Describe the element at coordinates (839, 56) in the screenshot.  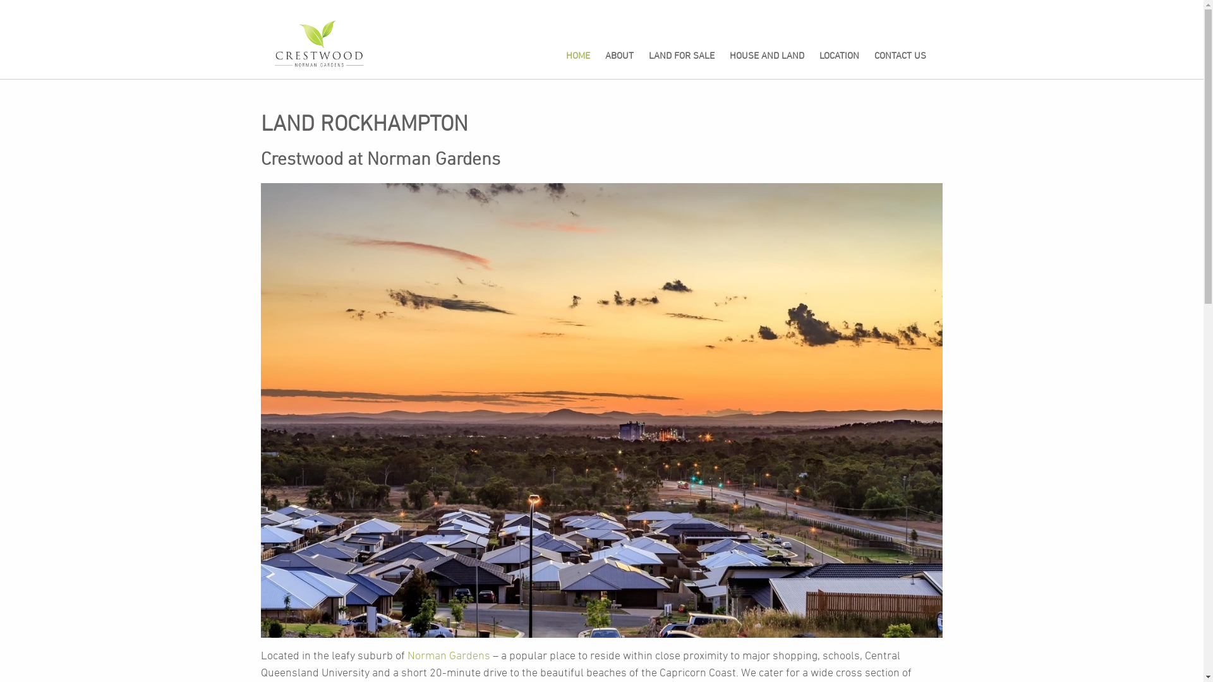
I see `'LOCATION'` at that location.